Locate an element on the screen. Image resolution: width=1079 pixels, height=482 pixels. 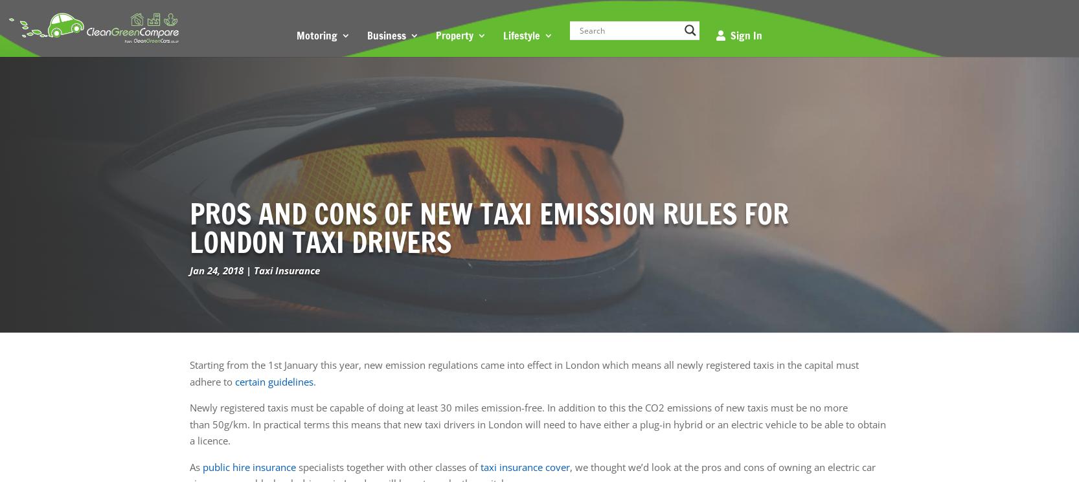
'Van Insurance' is located at coordinates (340, 371).